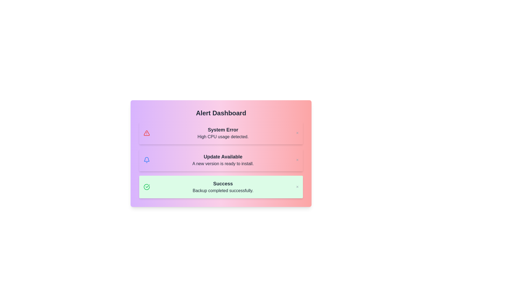  I want to click on the notification of type error, so click(221, 133).